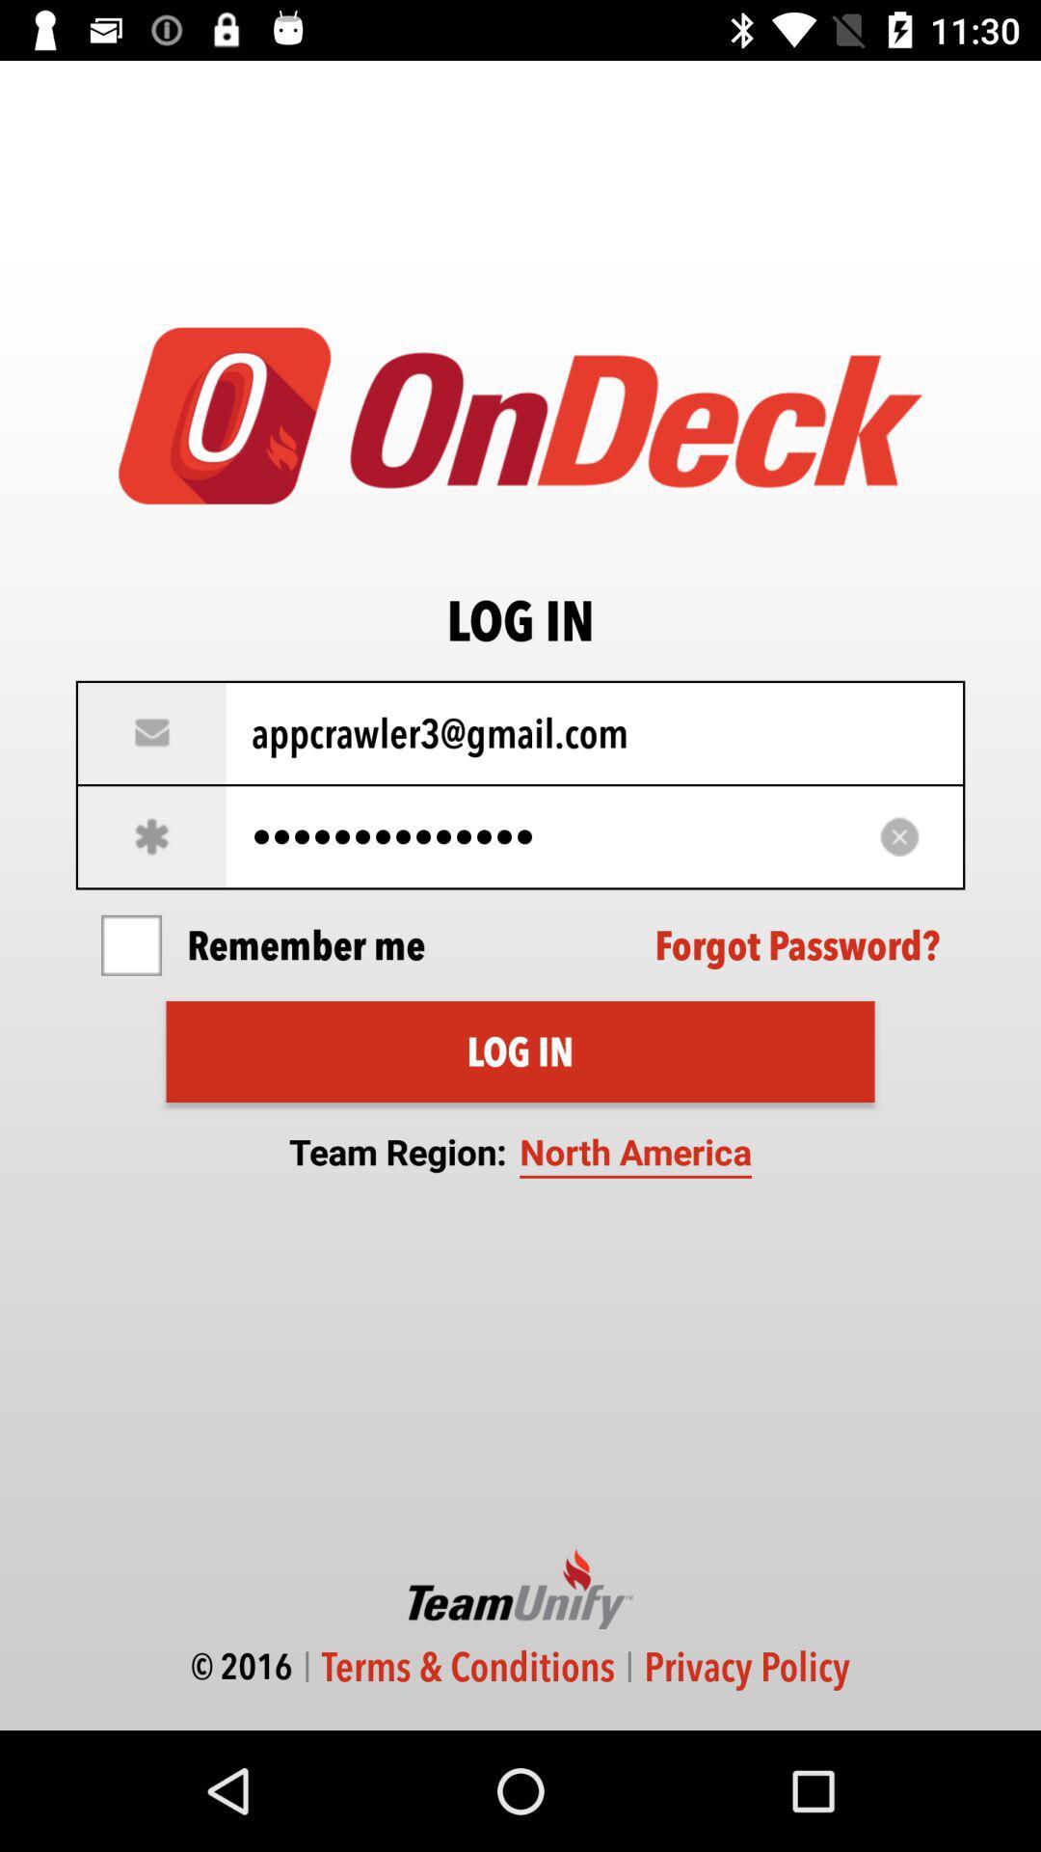 This screenshot has height=1852, width=1041. Describe the element at coordinates (520, 415) in the screenshot. I see `the icon ondeck` at that location.